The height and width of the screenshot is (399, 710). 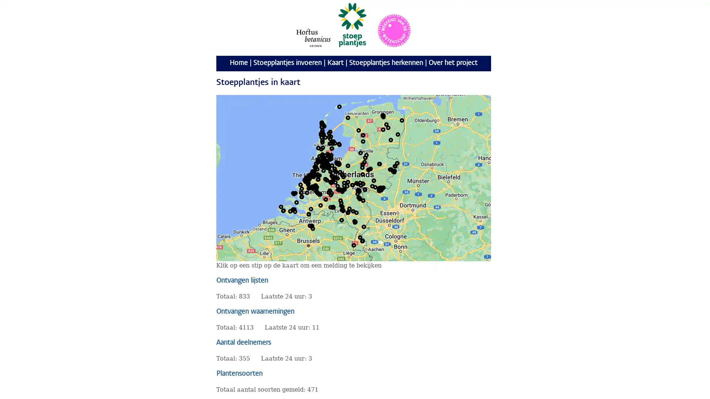 I want to click on Telling van Pom op 08 mei 2022, so click(x=322, y=126).